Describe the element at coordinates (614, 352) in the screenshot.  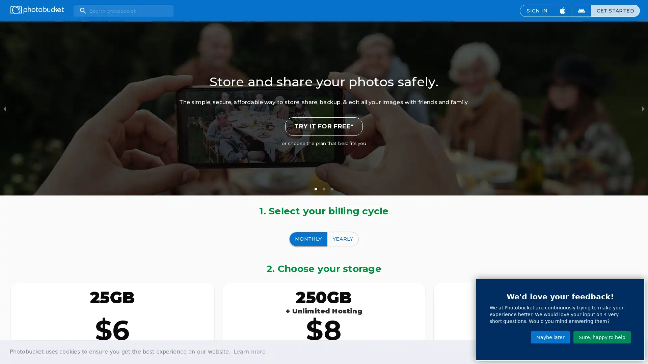
I see `dismiss cookie message` at that location.